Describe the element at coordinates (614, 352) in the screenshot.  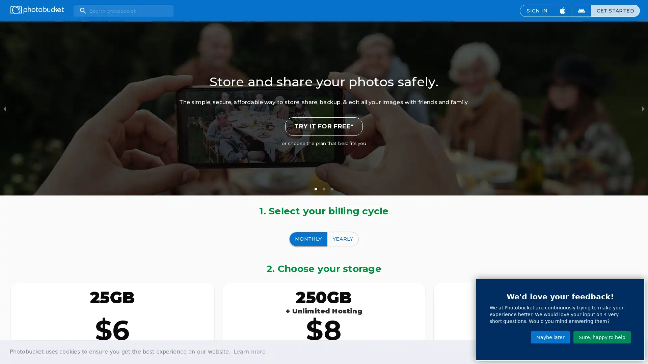
I see `dismiss cookie message` at that location.